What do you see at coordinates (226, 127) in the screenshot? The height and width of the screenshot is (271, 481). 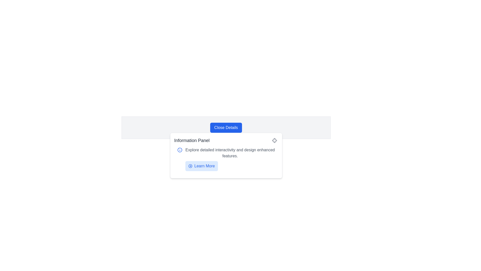 I see `the 'Close Details' button, which is a rectangular button with a blue background and white text` at bounding box center [226, 127].